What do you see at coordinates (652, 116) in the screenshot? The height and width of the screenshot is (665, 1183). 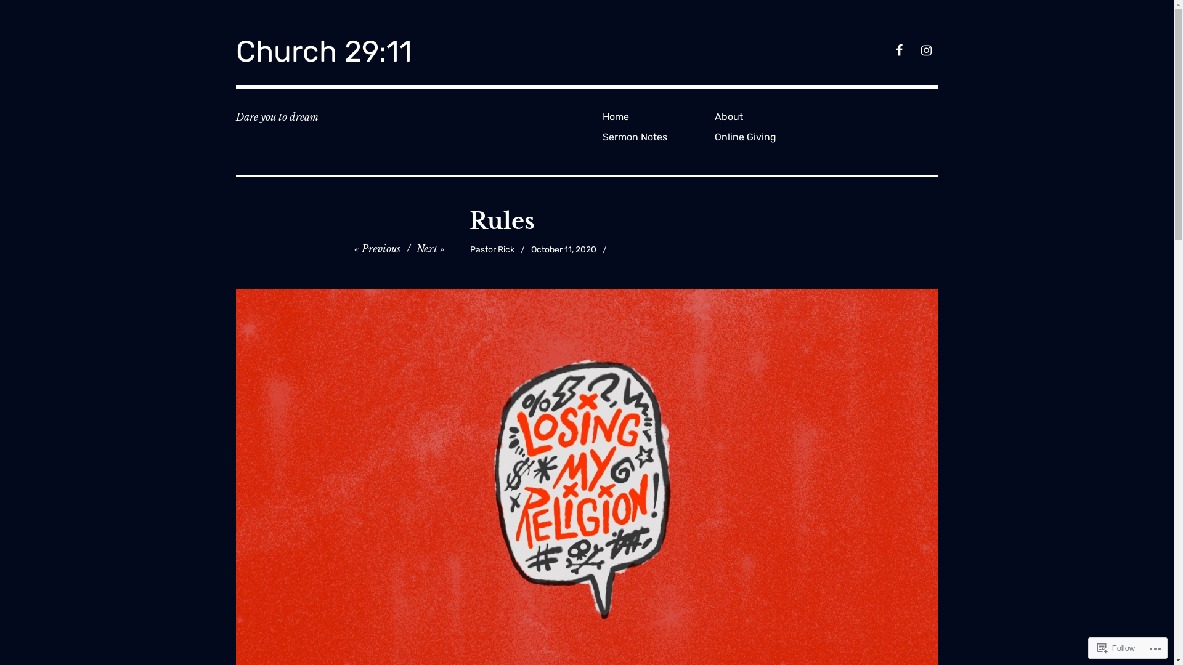 I see `'Home'` at bounding box center [652, 116].